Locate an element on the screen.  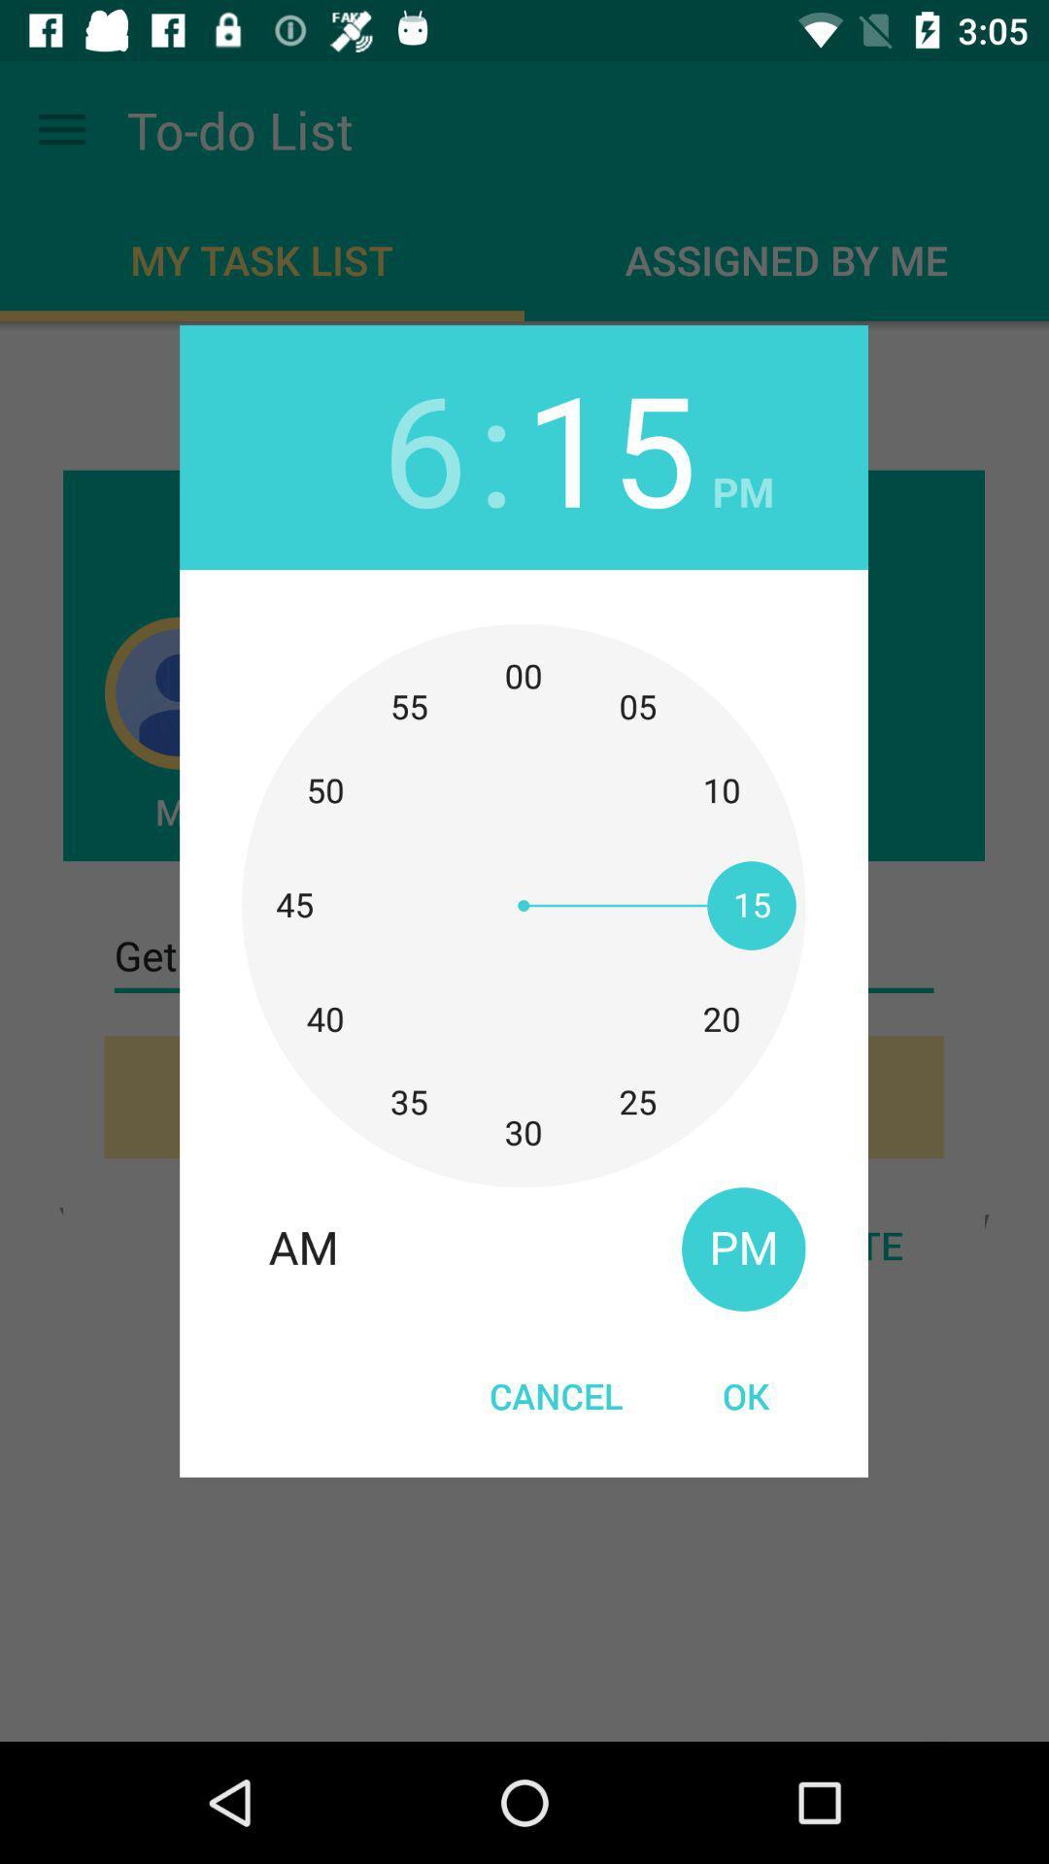
cancel icon is located at coordinates (557, 1394).